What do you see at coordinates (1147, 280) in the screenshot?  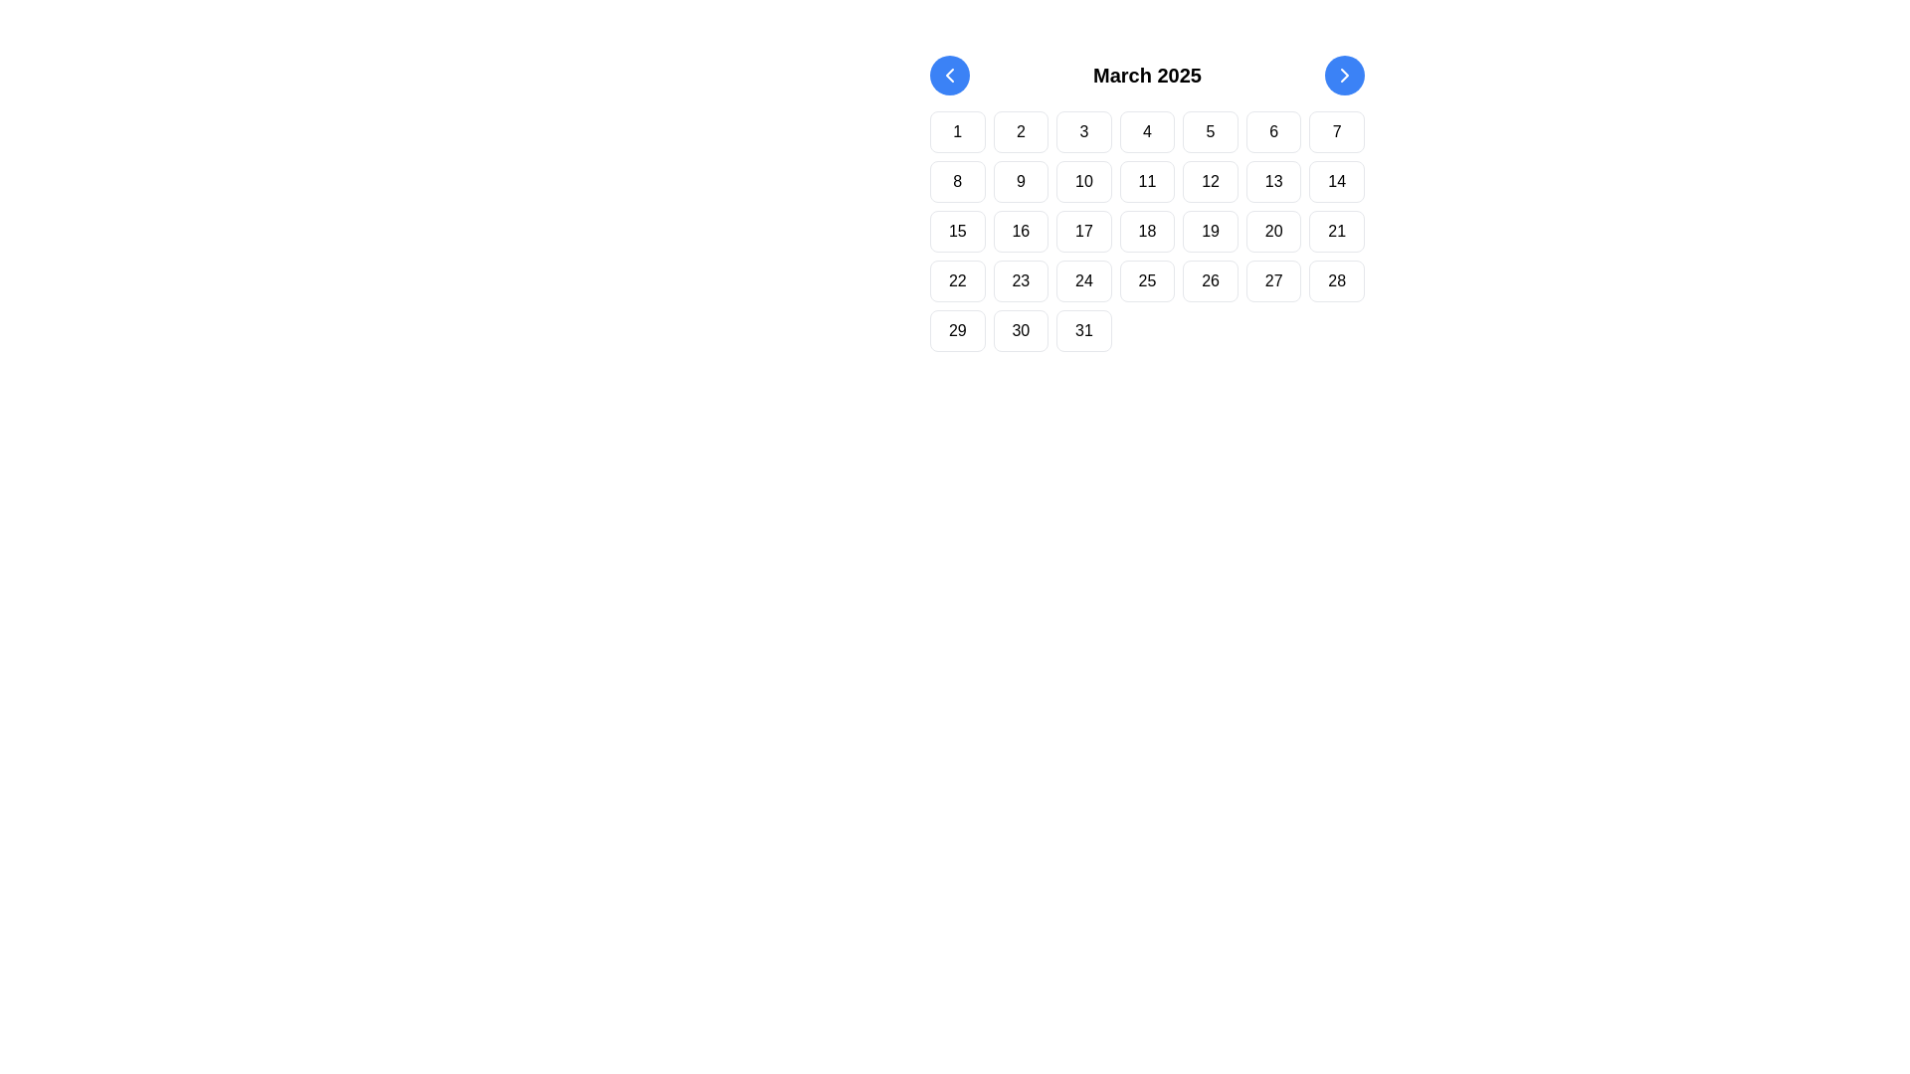 I see `the square-shaped button labeled '25' in the calendar view for March 2025` at bounding box center [1147, 280].